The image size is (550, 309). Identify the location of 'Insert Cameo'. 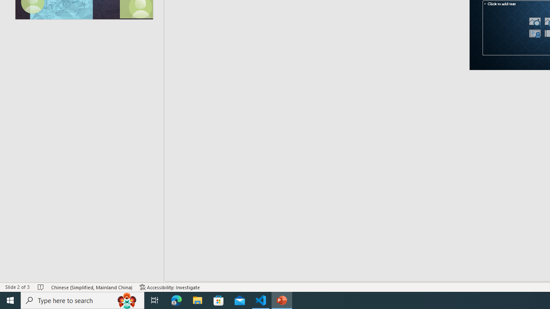
(534, 33).